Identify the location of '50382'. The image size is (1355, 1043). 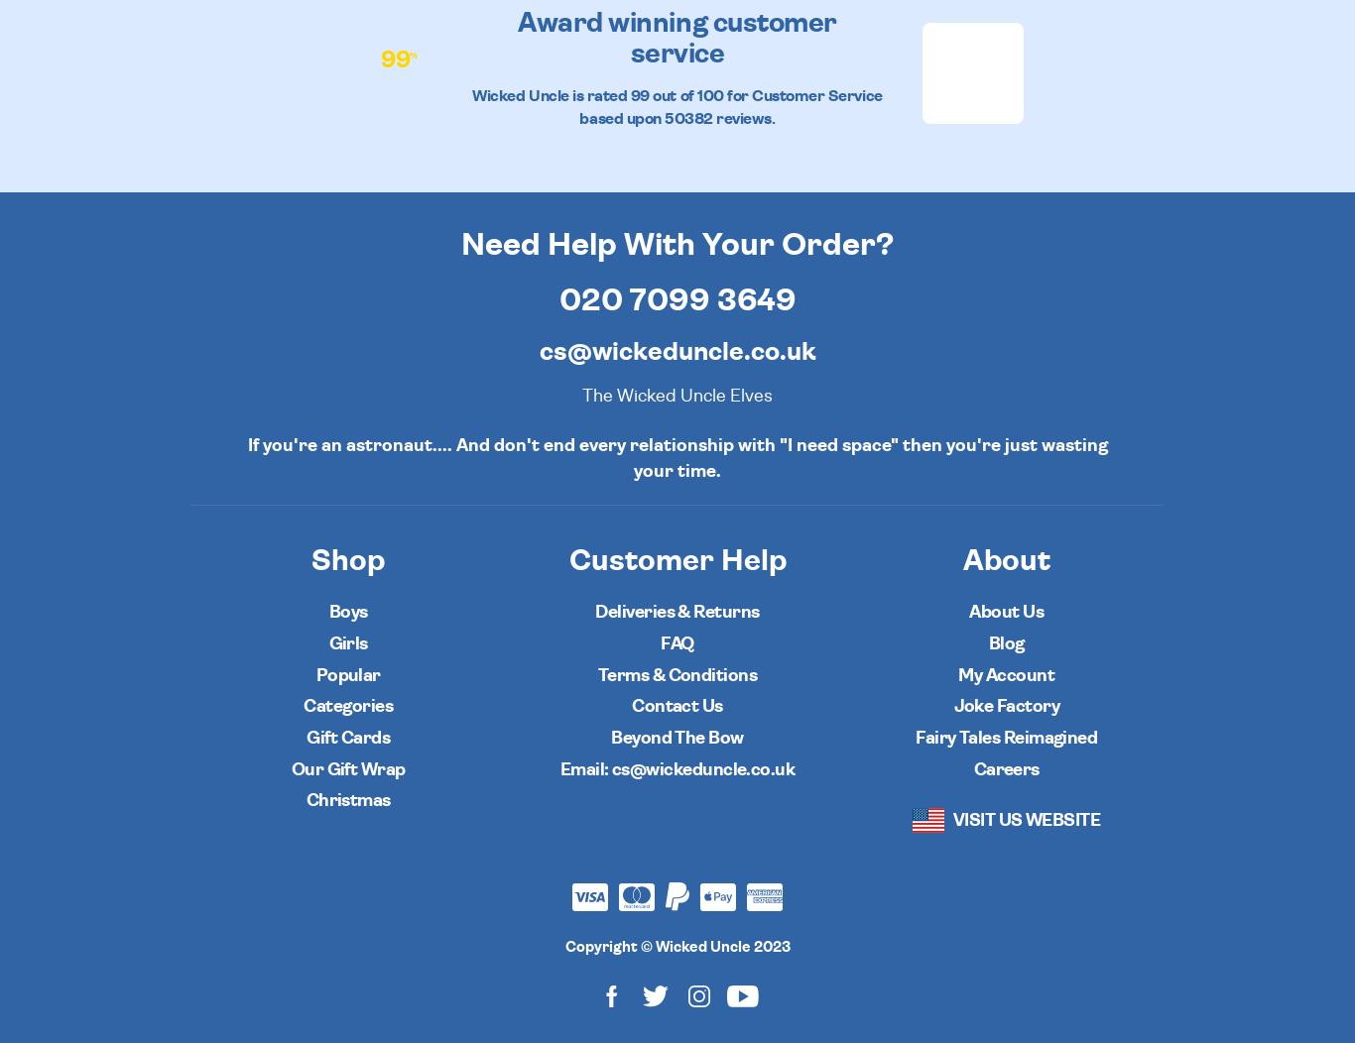
(688, 119).